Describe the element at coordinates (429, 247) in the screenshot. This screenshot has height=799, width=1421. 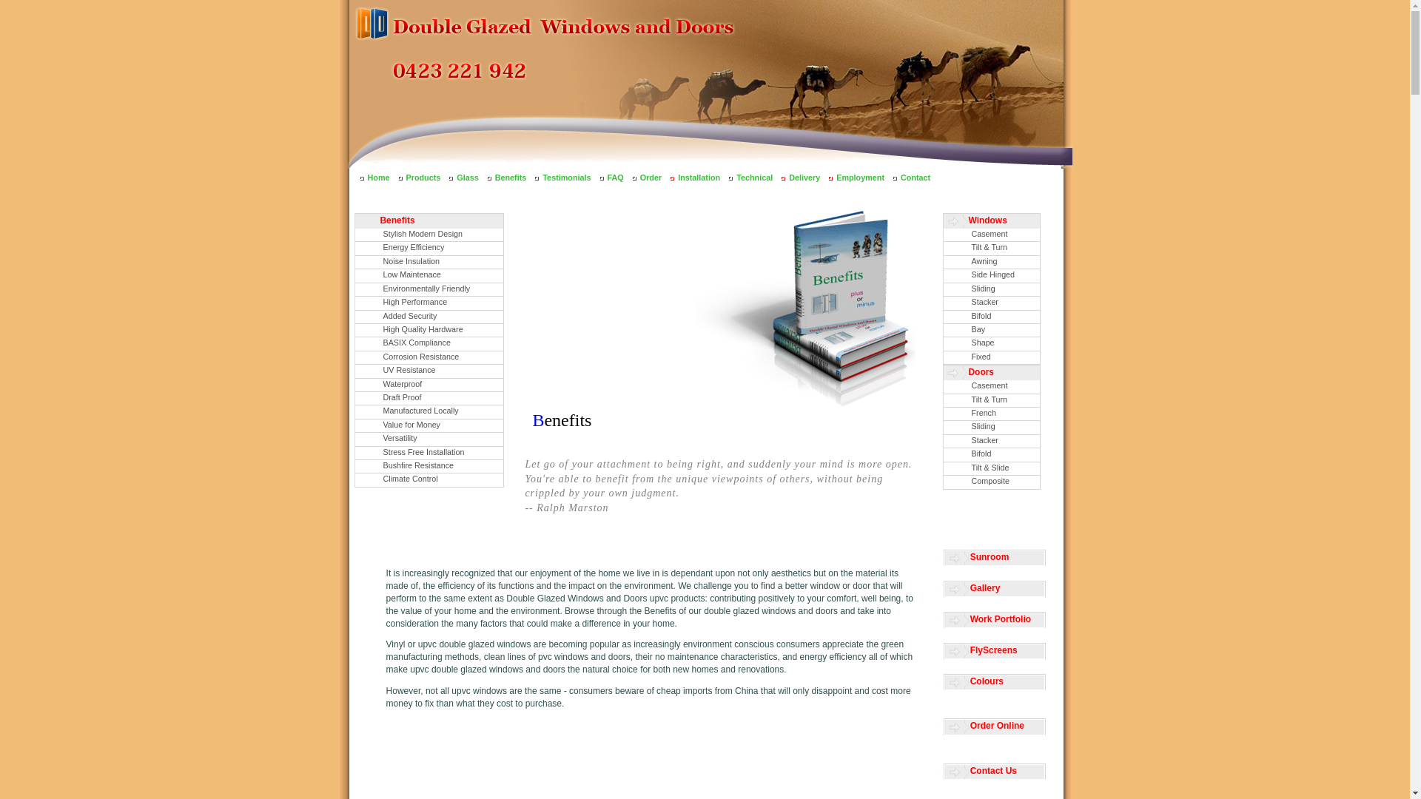
I see `'Energy Efficiency'` at that location.